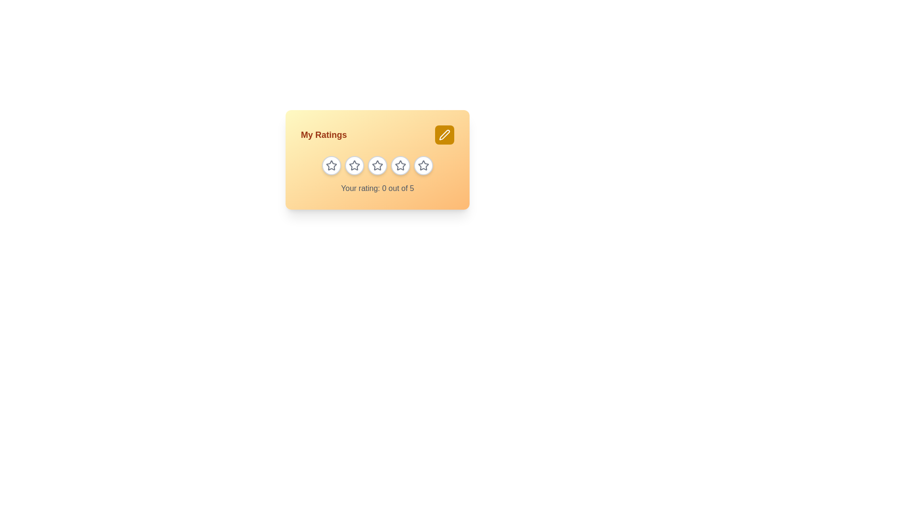  I want to click on a star in the interactive rating widget, so click(377, 159).